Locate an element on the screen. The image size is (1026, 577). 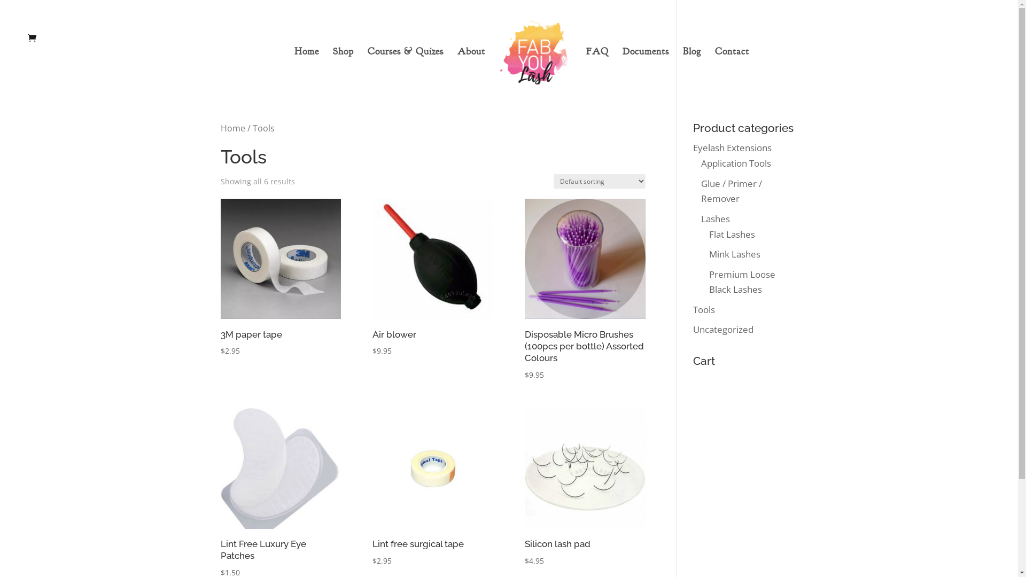
'FAQ' is located at coordinates (597, 69).